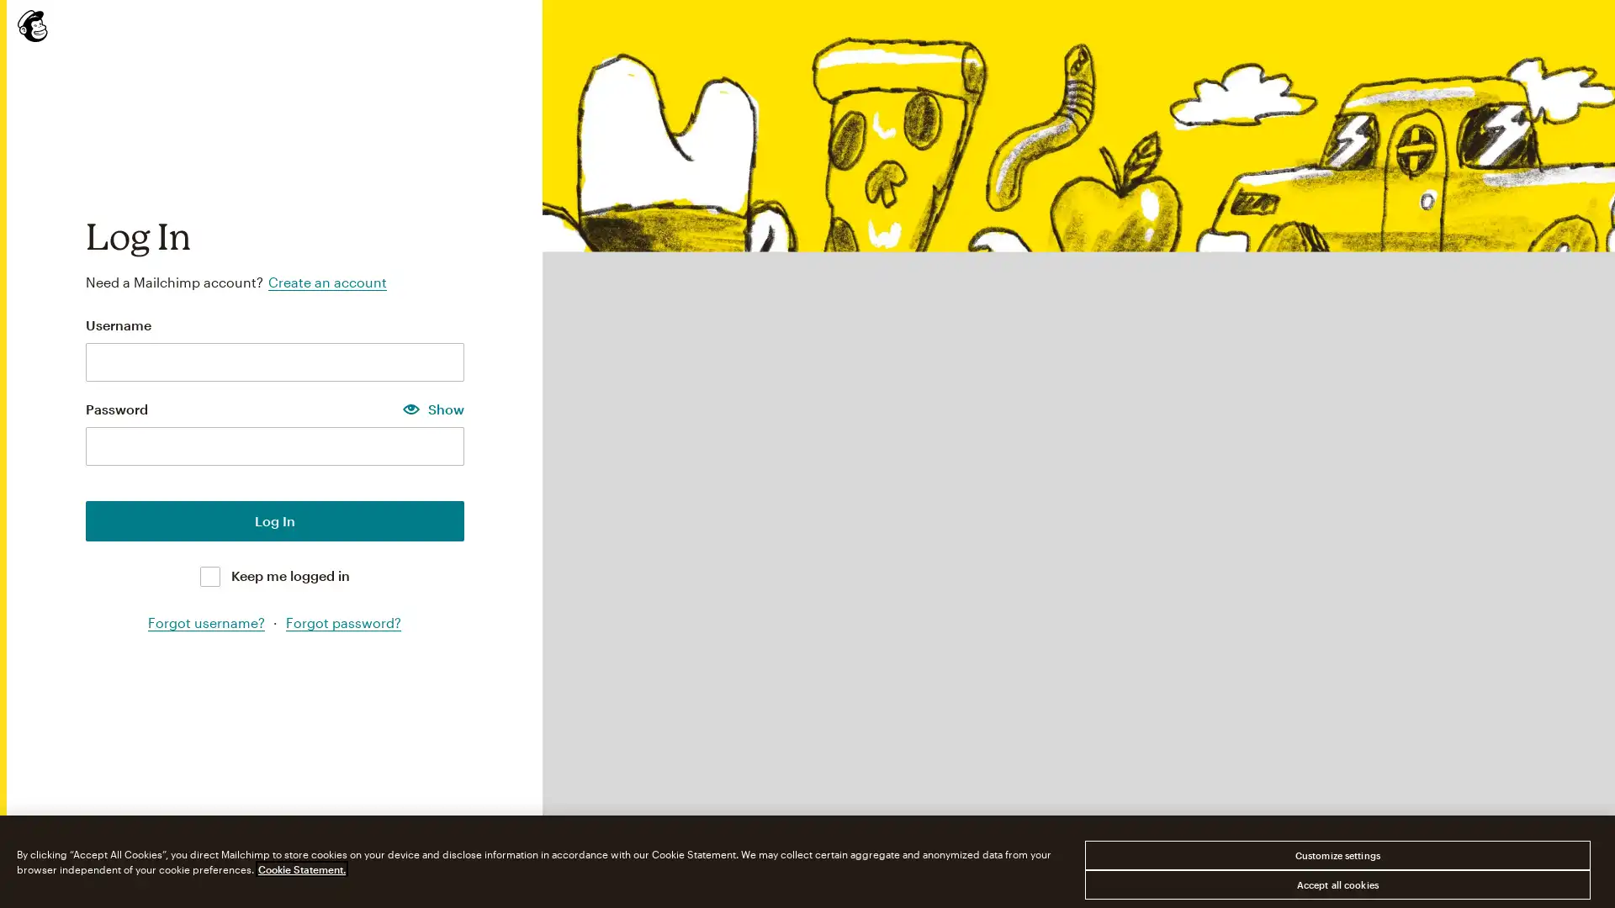  Describe the element at coordinates (1336, 884) in the screenshot. I see `Accept all cookies` at that location.